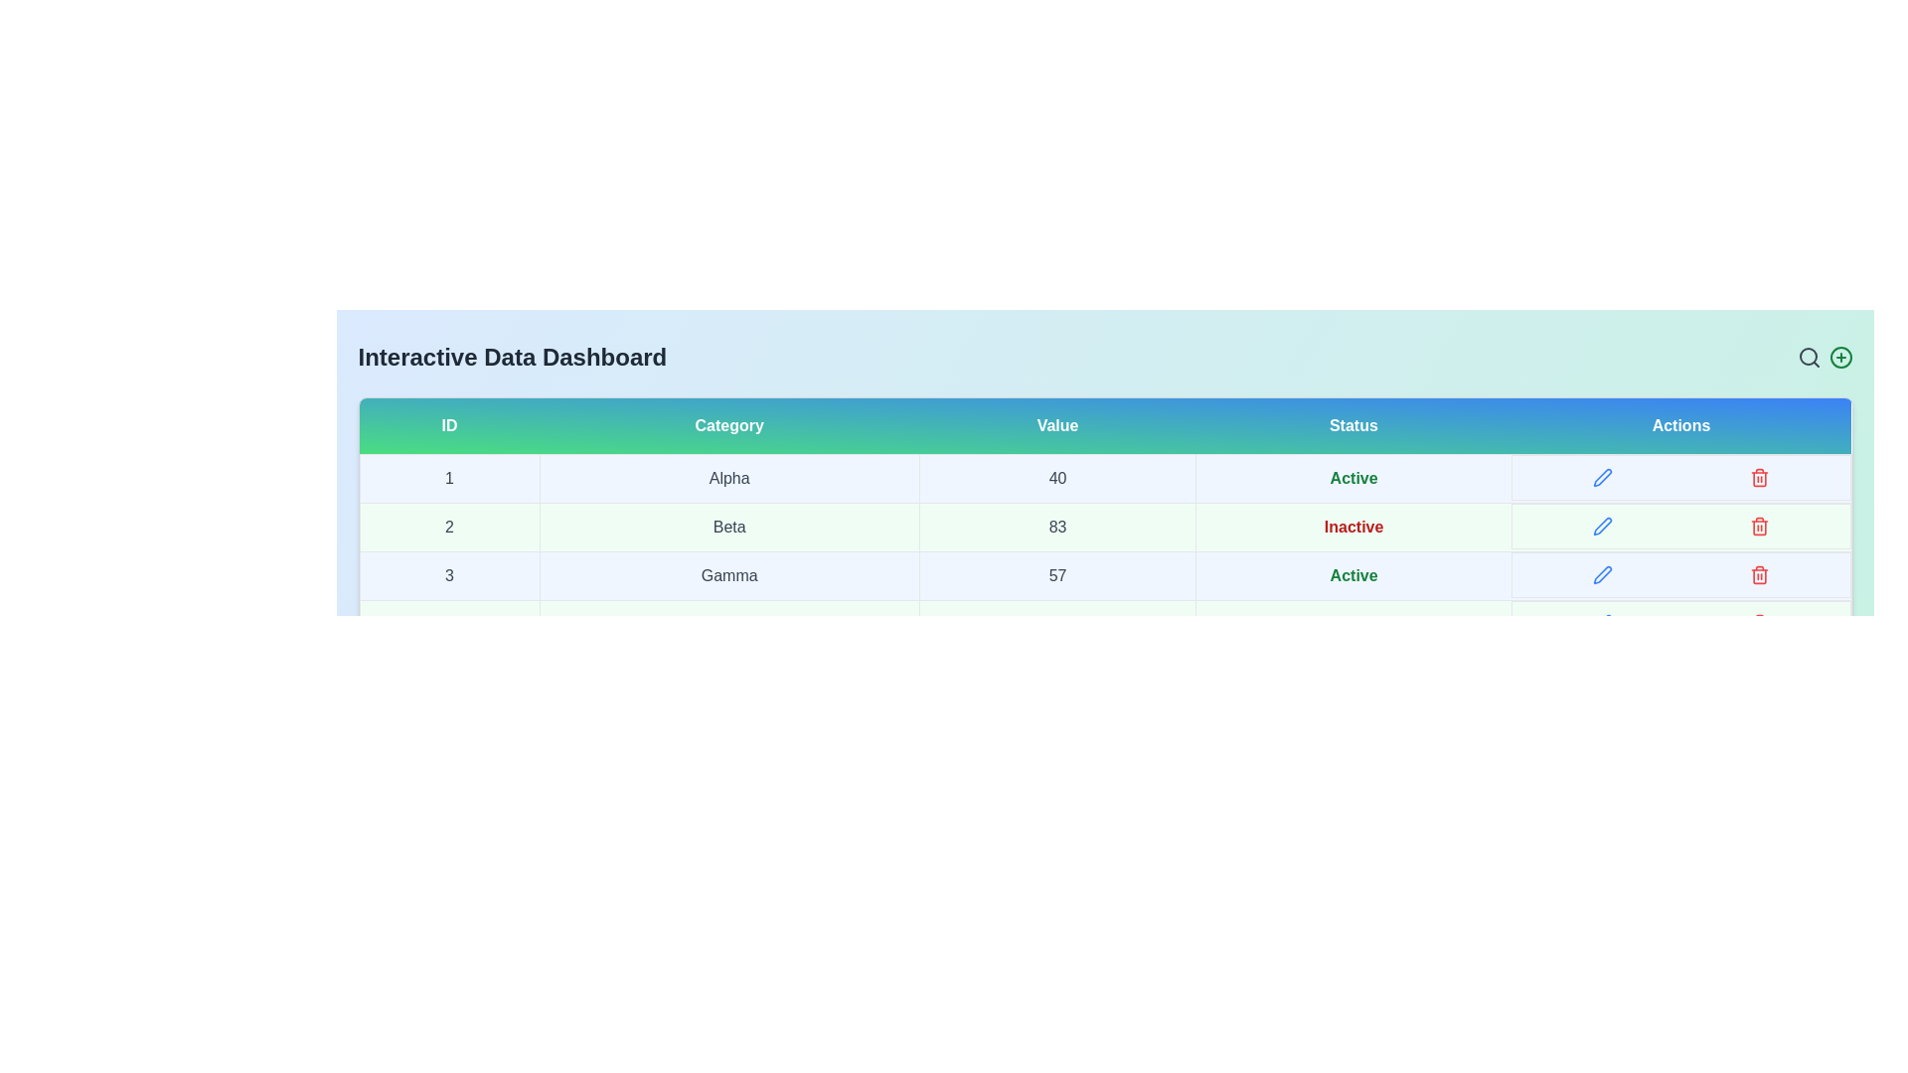 This screenshot has height=1073, width=1908. I want to click on the table header Value to sort or filter the data, so click(1056, 424).